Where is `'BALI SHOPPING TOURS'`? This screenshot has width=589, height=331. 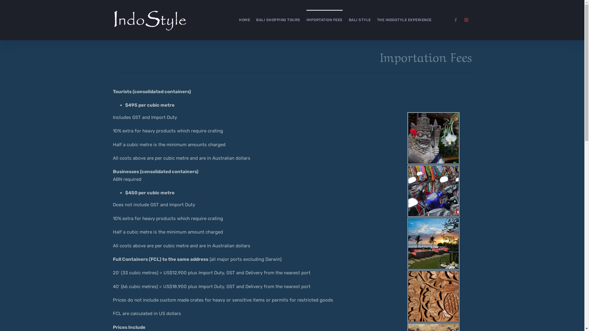
'BALI SHOPPING TOURS' is located at coordinates (278, 20).